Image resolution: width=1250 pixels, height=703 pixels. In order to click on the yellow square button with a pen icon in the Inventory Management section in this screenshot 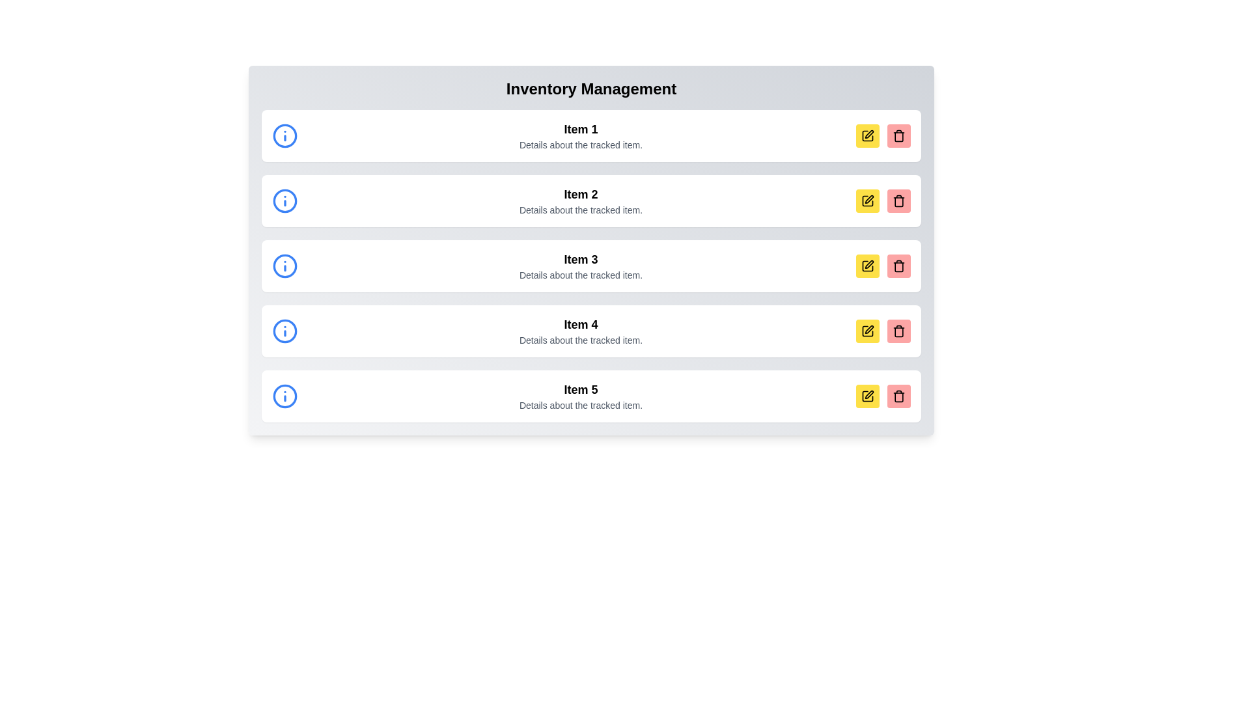, I will do `click(868, 135)`.